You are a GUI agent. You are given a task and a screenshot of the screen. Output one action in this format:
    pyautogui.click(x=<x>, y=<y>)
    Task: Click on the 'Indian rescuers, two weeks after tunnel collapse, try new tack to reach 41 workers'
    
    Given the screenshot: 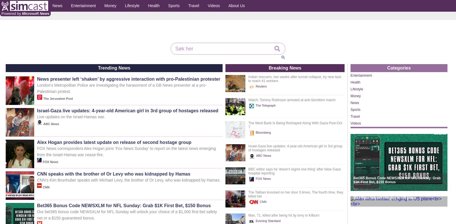 What is the action you would take?
    pyautogui.click(x=294, y=79)
    